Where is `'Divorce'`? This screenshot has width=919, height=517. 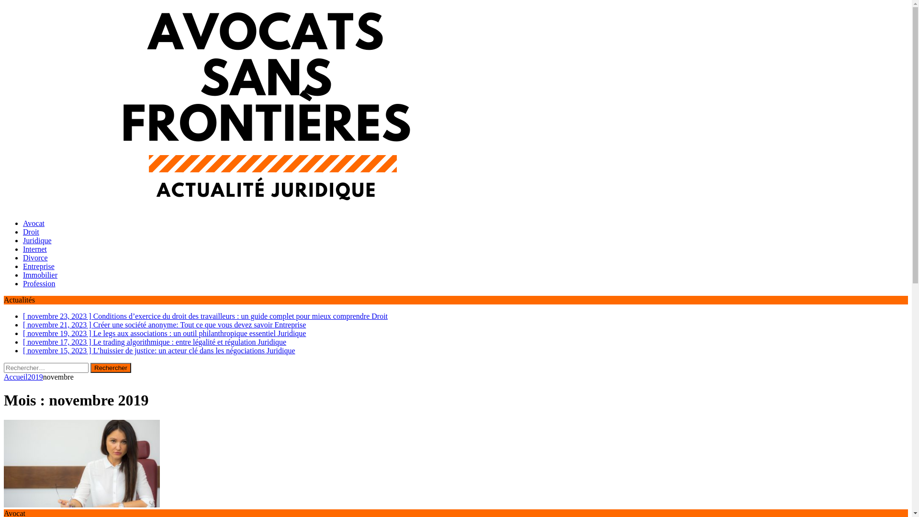 'Divorce' is located at coordinates (35, 257).